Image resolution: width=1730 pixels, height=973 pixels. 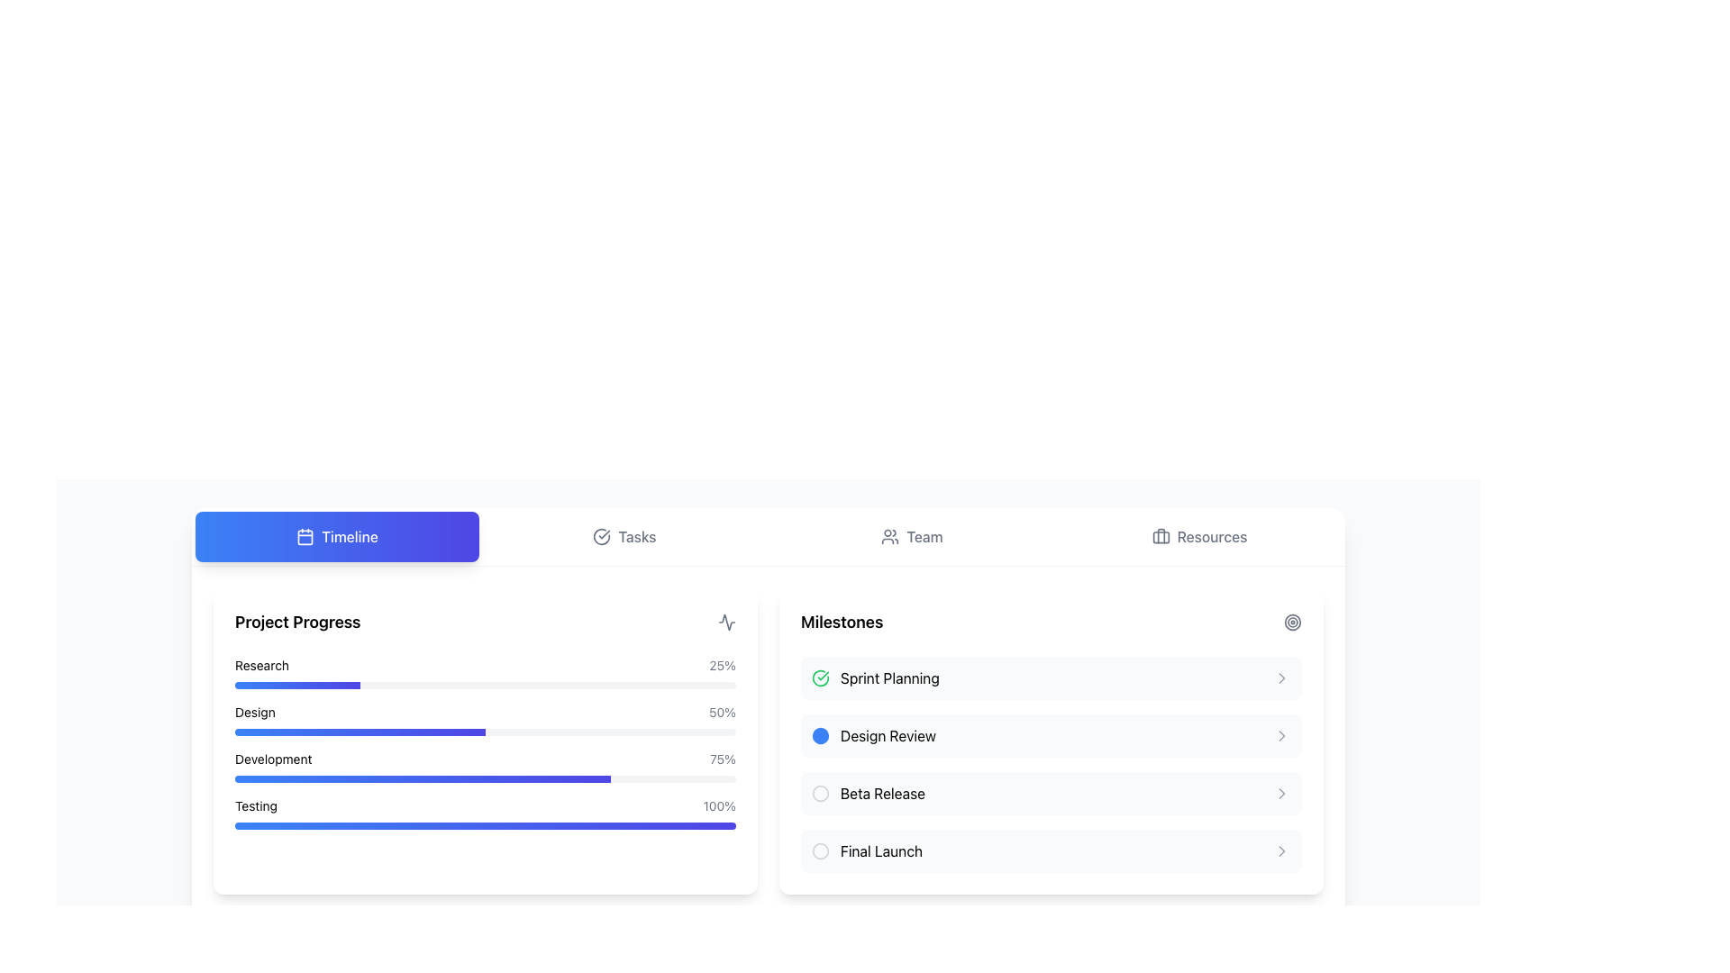 What do you see at coordinates (820, 677) in the screenshot?
I see `the circular icon with a green checkmark indicating successful completion, located next to the text 'Sprint Planning' in the milestones list` at bounding box center [820, 677].